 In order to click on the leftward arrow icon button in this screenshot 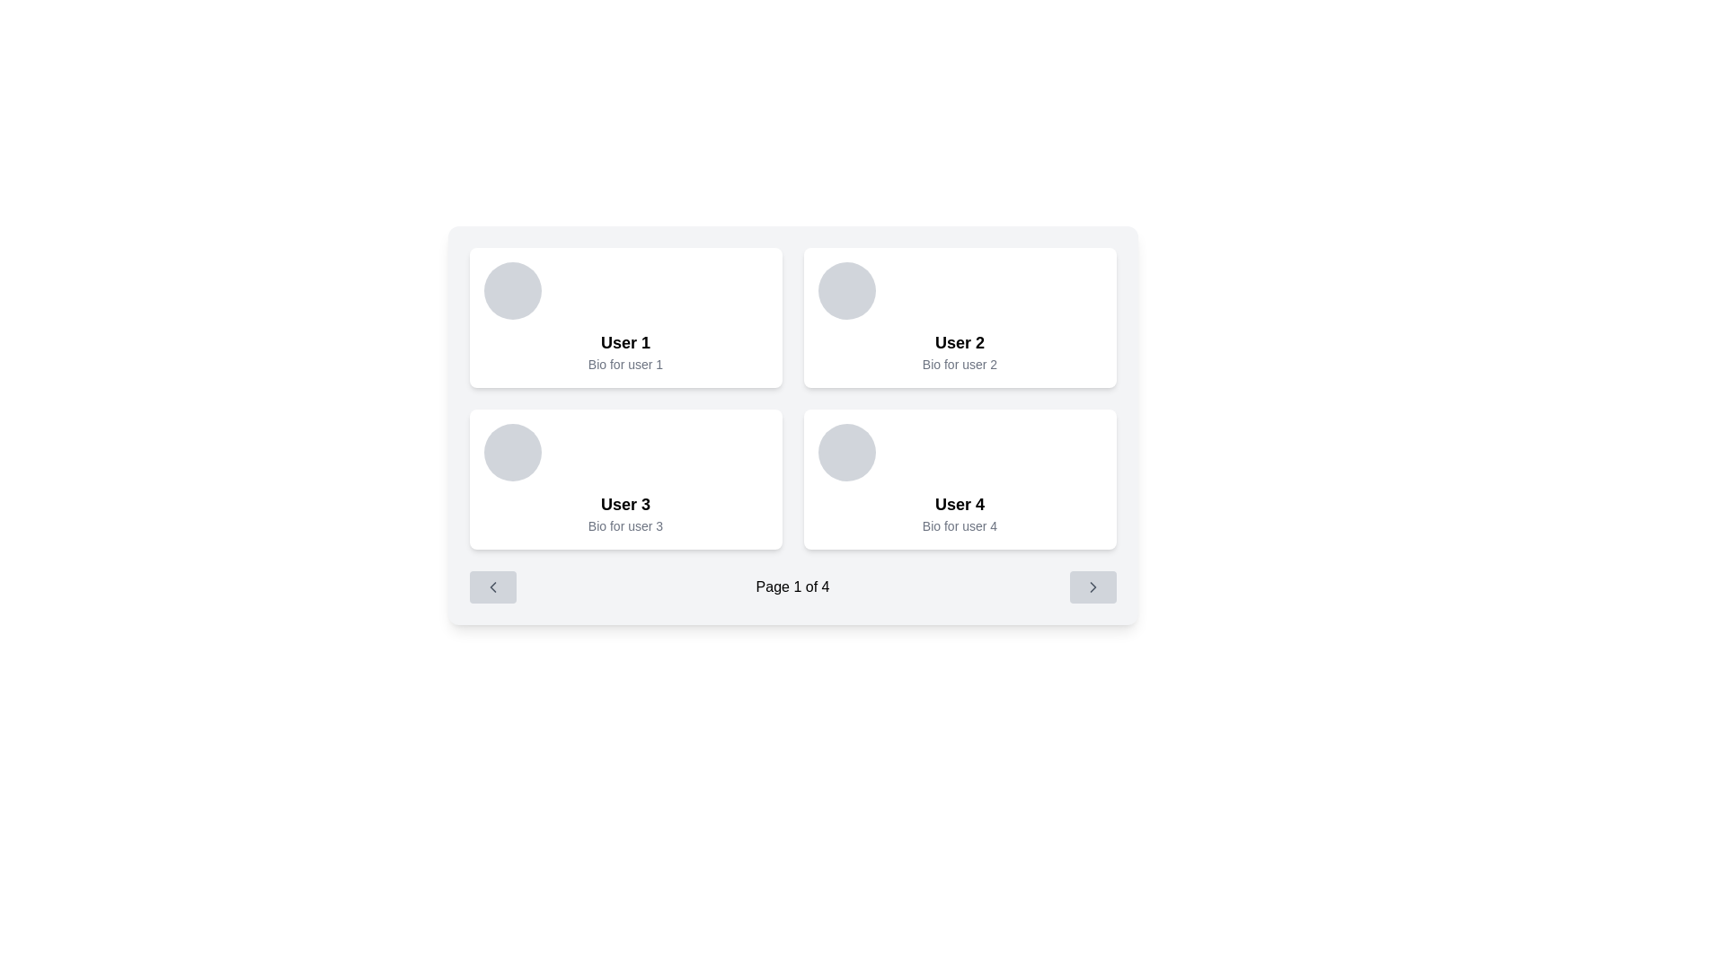, I will do `click(492, 587)`.